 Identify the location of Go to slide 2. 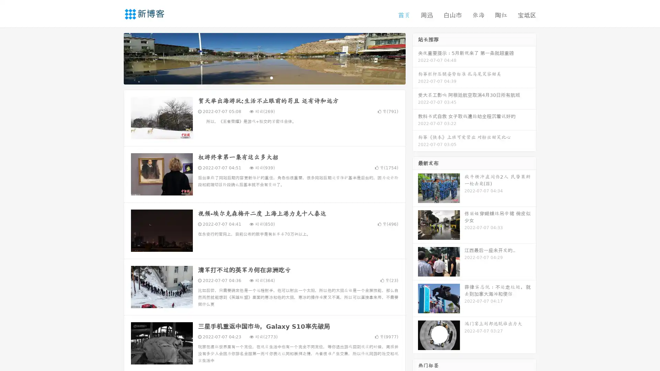
(264, 77).